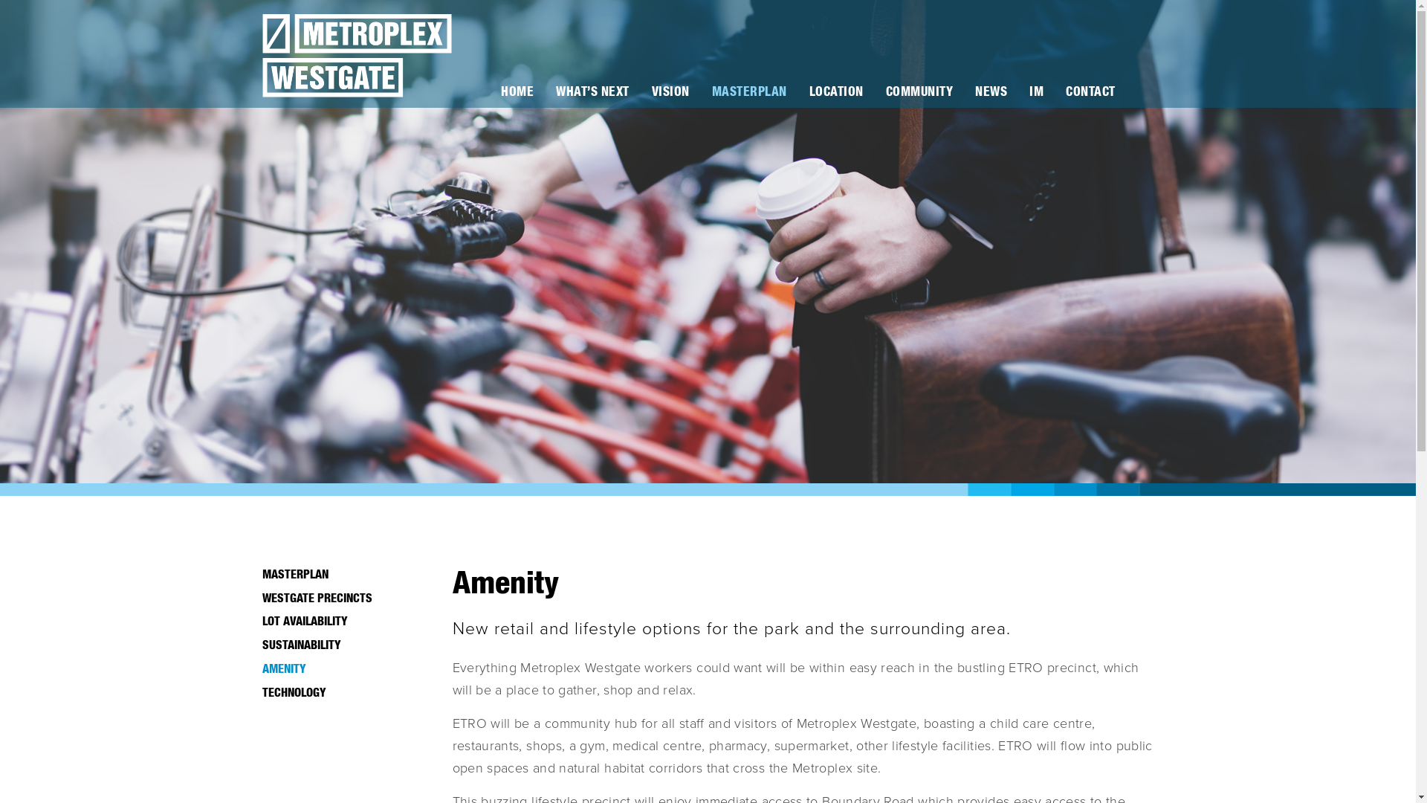 The height and width of the screenshot is (803, 1427). What do you see at coordinates (517, 91) in the screenshot?
I see `'HOME'` at bounding box center [517, 91].